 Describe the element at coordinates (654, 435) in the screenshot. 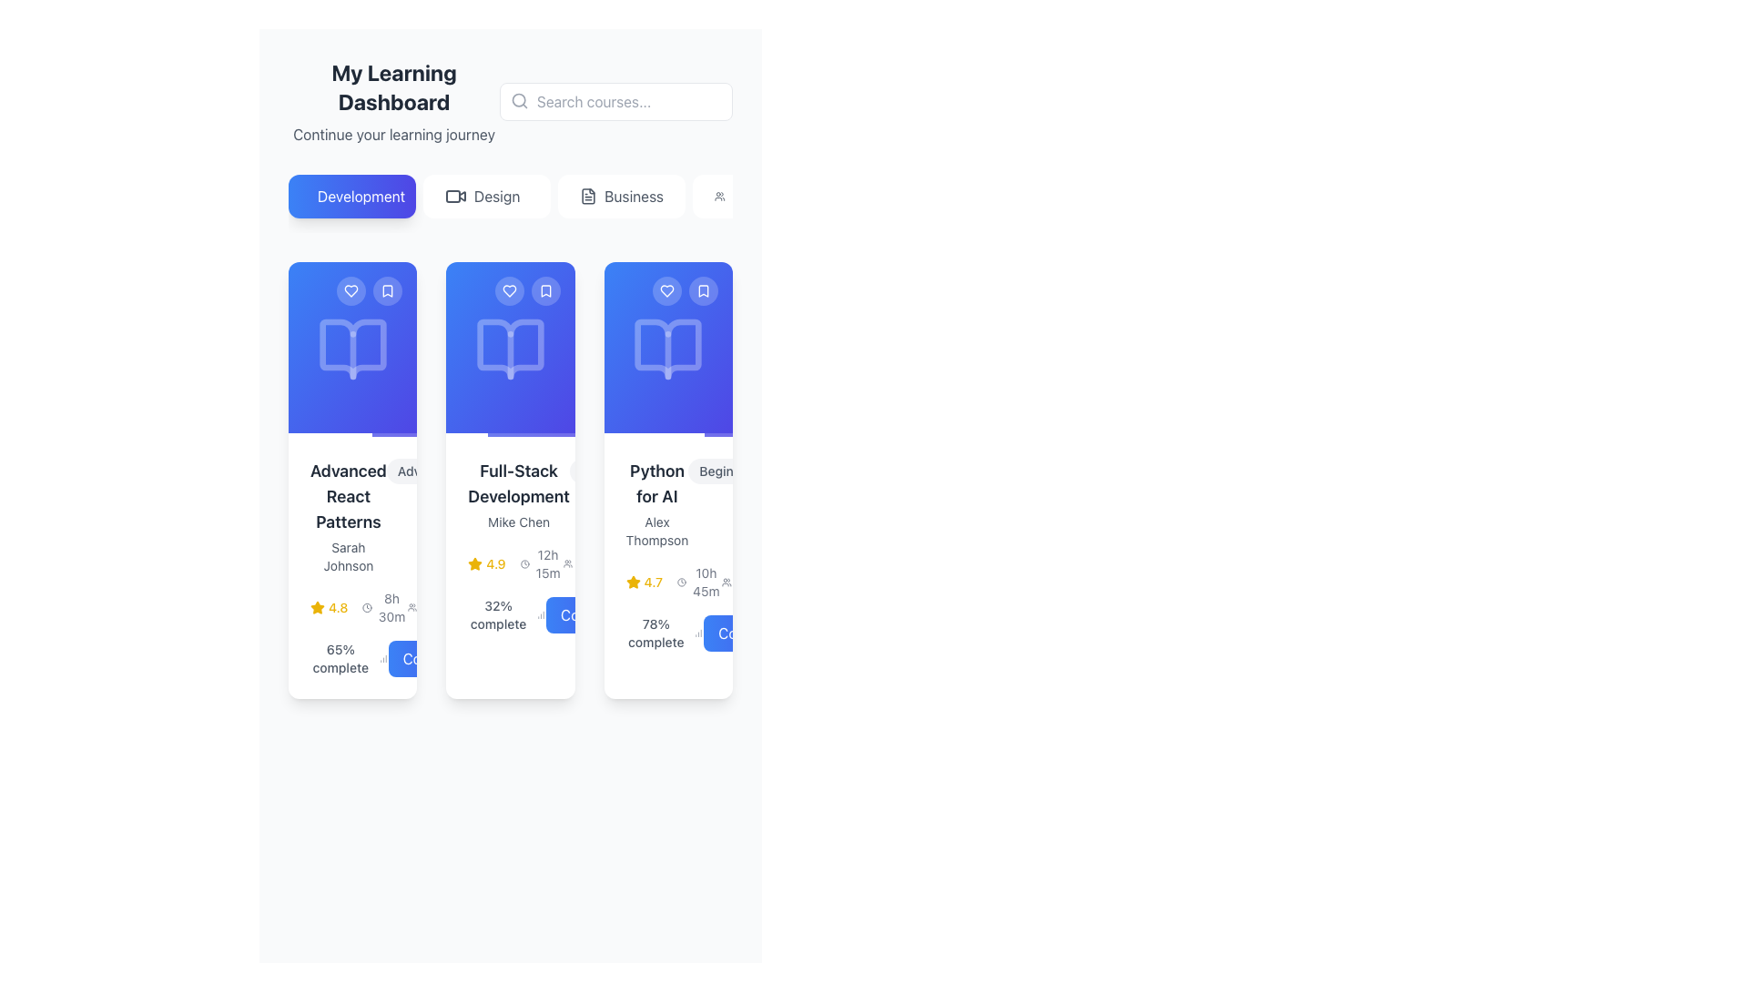

I see `the Progress Bar styled in white that serves as a progress indicator underneath the 'Python for AI' card in the third column of the grid layout` at that location.